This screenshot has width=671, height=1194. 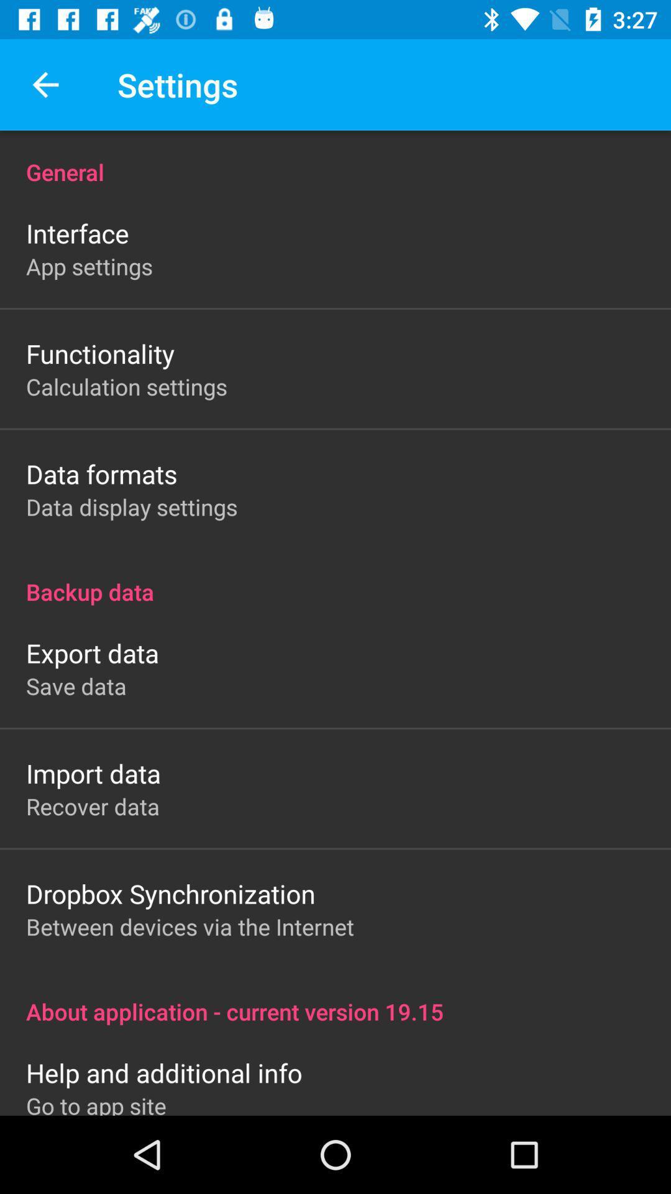 I want to click on icon below the dropbox synchronization item, so click(x=189, y=927).